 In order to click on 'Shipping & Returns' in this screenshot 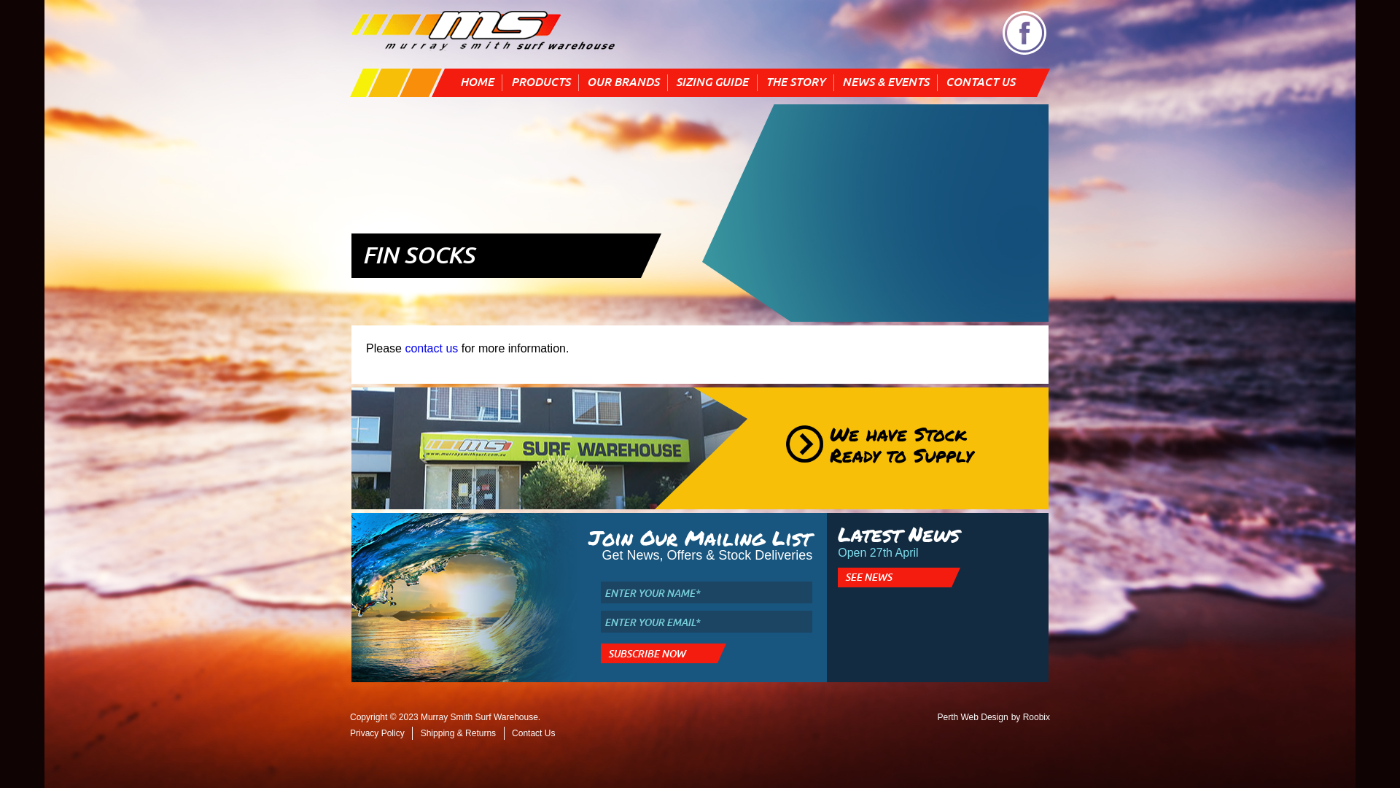, I will do `click(457, 733)`.